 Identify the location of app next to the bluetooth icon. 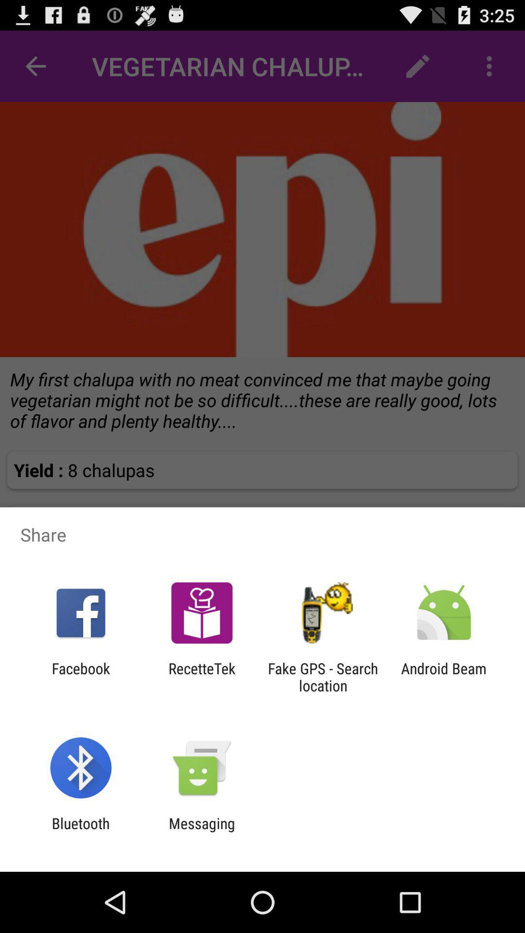
(201, 831).